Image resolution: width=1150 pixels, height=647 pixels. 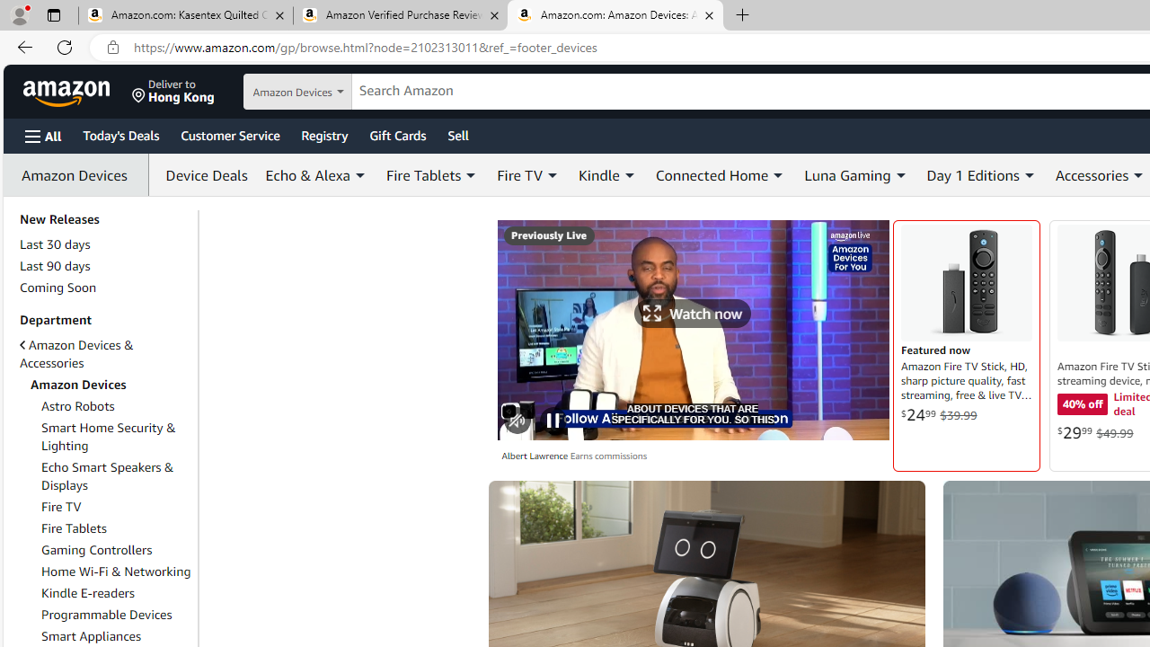 I want to click on 'Earns commissions', so click(x=607, y=455).